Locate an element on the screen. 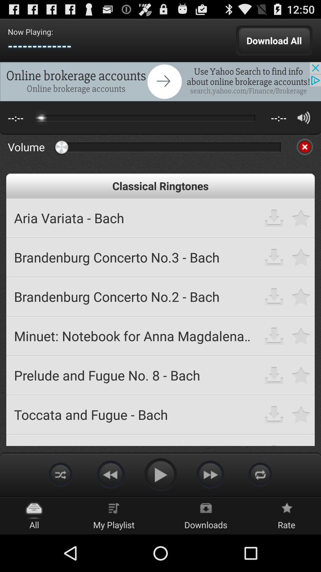 This screenshot has height=572, width=321. to make it as favorite ringtone is located at coordinates (301, 217).